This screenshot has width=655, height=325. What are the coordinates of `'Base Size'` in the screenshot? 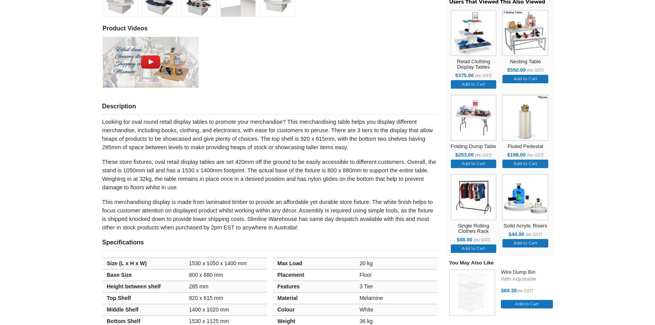 It's located at (119, 274).